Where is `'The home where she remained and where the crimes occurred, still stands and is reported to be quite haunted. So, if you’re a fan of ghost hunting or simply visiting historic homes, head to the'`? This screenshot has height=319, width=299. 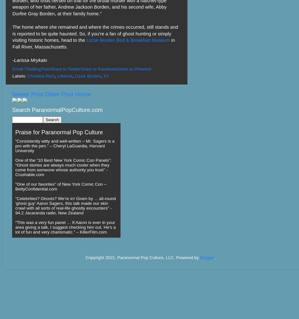
'The home where she remained and where the crimes occurred, still stands and is reported to be quite haunted. So, if you’re a fan of ghost hunting or simply visiting historic homes, head to the' is located at coordinates (95, 33).